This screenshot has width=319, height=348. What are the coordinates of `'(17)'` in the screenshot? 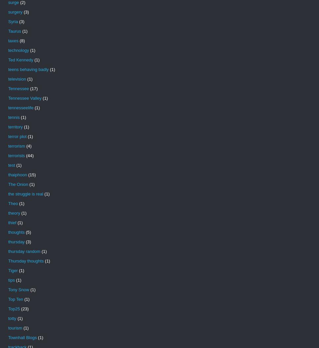 It's located at (30, 88).